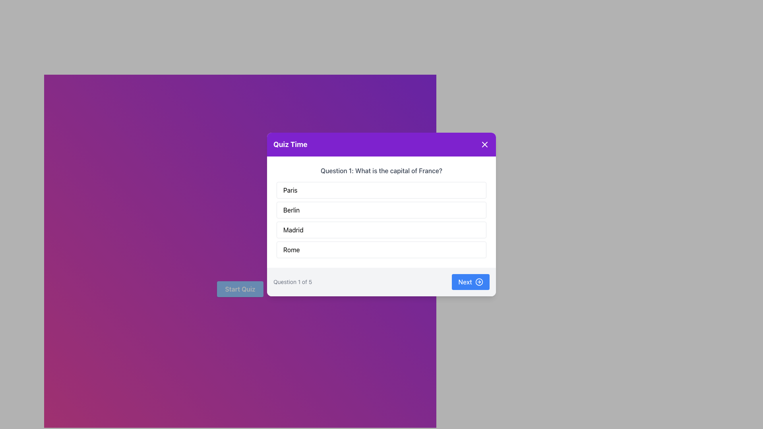 The height and width of the screenshot is (429, 763). Describe the element at coordinates (381, 190) in the screenshot. I see `the 'Paris' button which is the first in a group of four buttons in a quiz modal, located at the middle-left area` at that location.